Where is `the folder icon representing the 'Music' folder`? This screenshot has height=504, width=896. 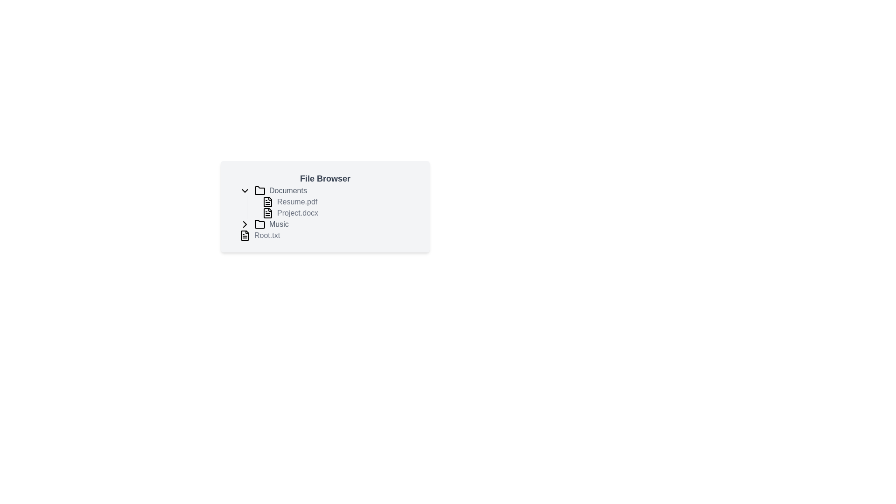
the folder icon representing the 'Music' folder is located at coordinates (263, 224).